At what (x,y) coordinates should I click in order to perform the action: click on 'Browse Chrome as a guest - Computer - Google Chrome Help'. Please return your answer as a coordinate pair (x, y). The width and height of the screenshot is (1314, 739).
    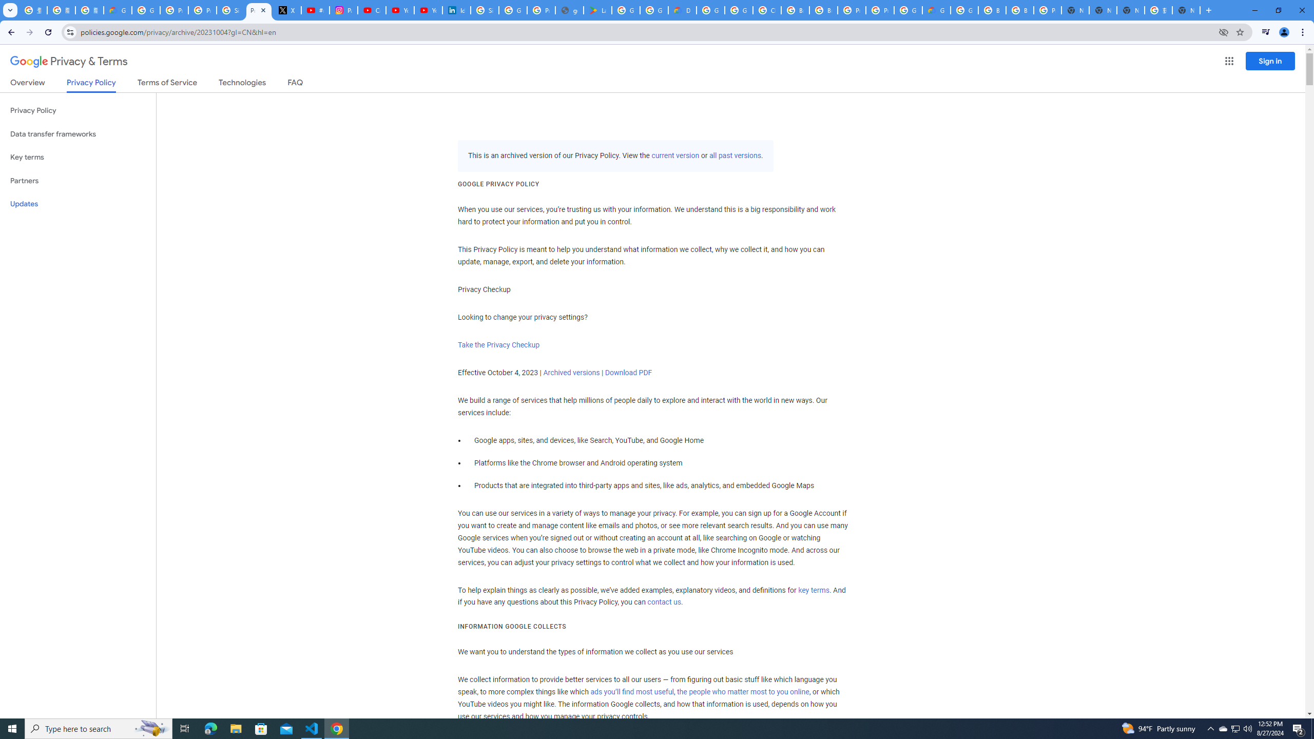
    Looking at the image, I should click on (1019, 10).